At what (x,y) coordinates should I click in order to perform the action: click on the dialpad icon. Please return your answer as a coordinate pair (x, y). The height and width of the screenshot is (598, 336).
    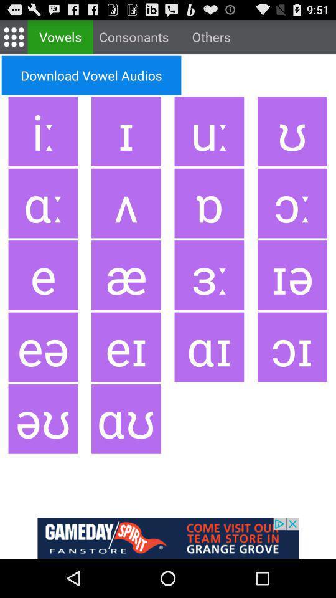
    Looking at the image, I should click on (13, 39).